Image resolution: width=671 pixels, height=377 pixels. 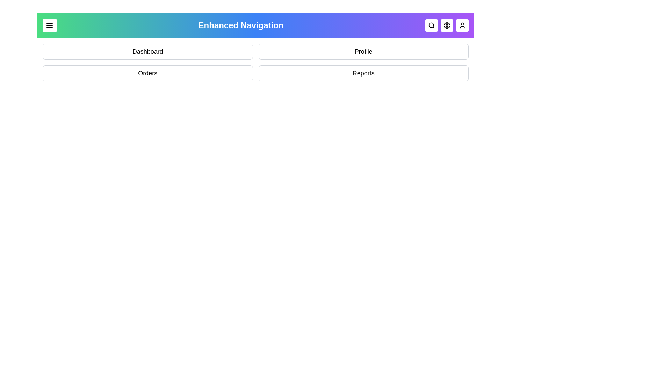 I want to click on the search button located in the top right corner of the app bar, so click(x=431, y=25).